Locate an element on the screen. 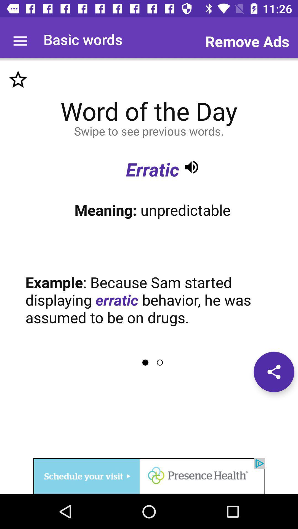 This screenshot has width=298, height=529. the volume icon is located at coordinates (191, 167).